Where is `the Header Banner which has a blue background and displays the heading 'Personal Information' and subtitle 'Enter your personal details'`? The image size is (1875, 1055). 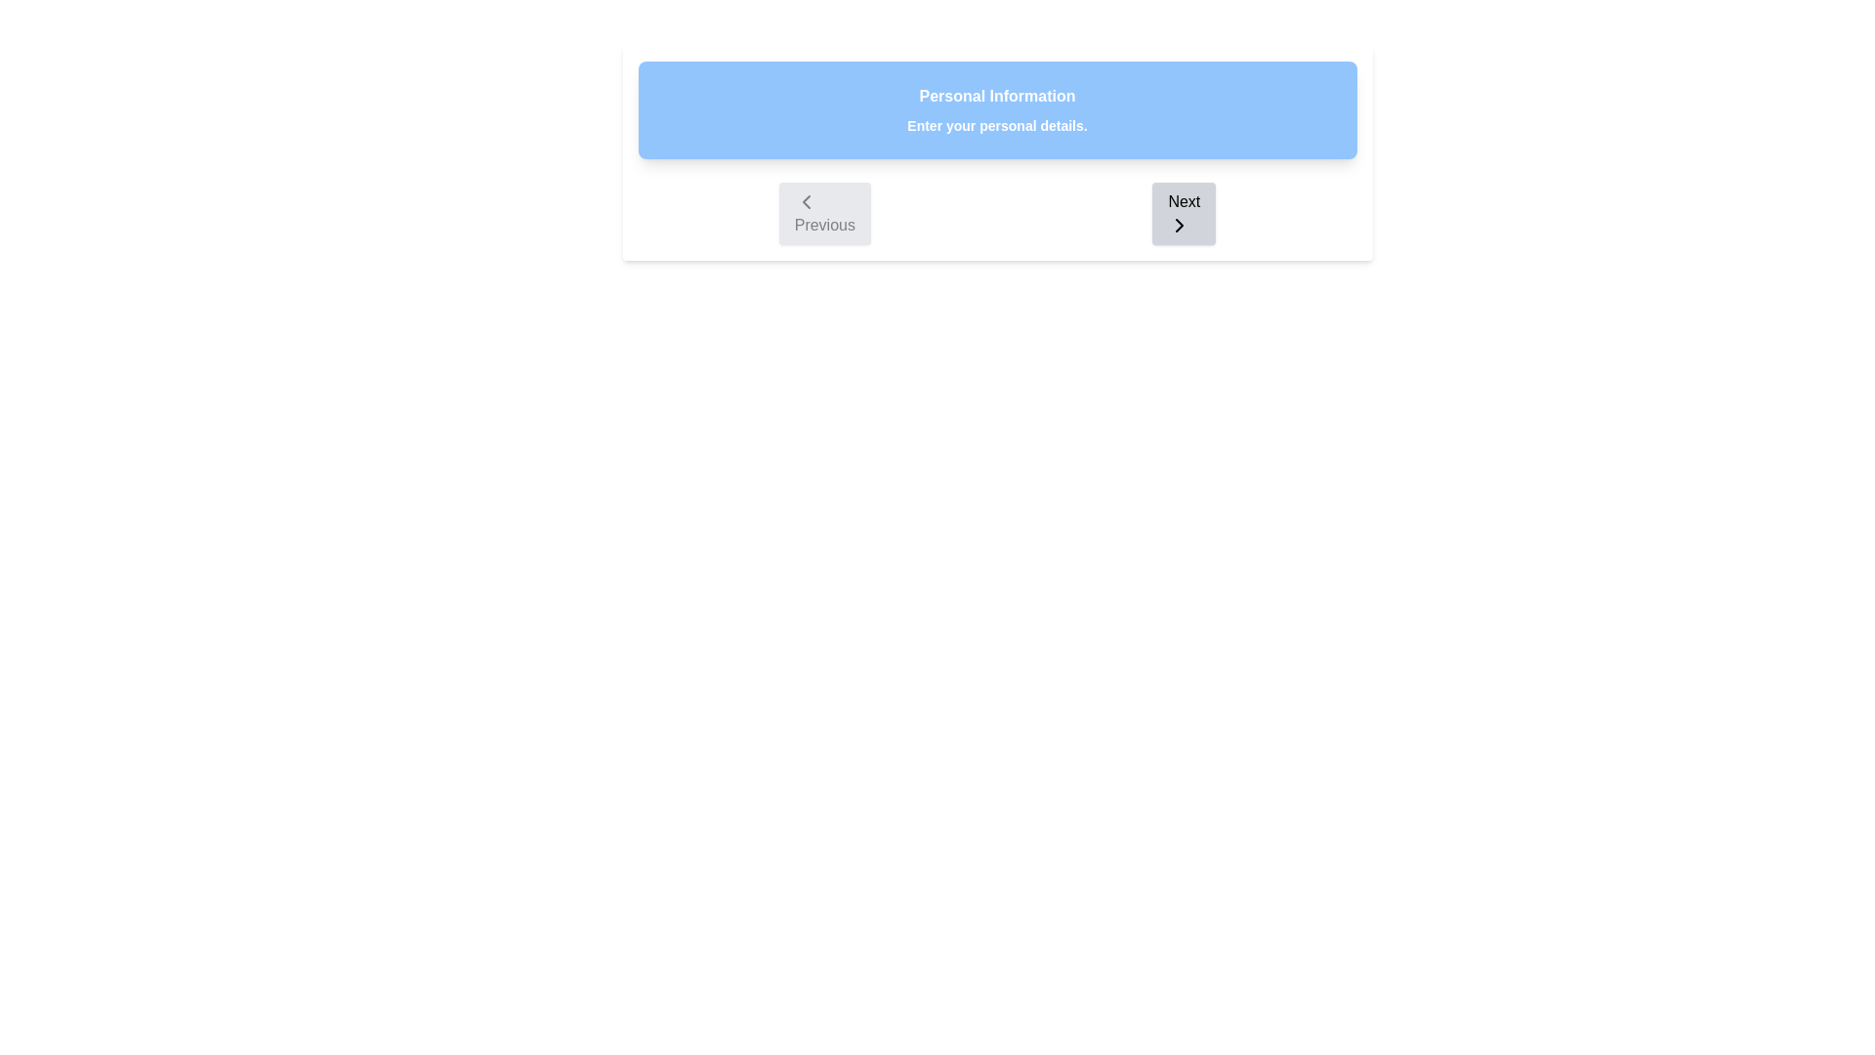 the Header Banner which has a blue background and displays the heading 'Personal Information' and subtitle 'Enter your personal details' is located at coordinates (997, 109).